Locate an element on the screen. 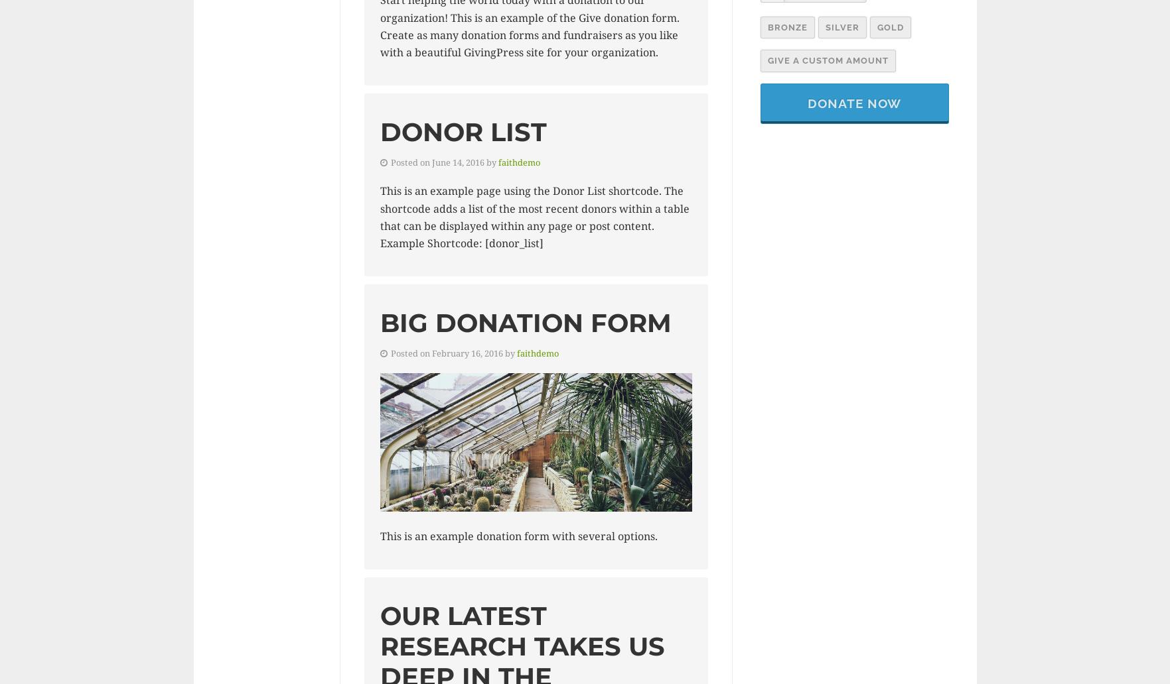 The width and height of the screenshot is (1170, 684). 'This is an example page using the Donor List shortcode. The shortcode adds a list of the most recent donors within a table that can be displayed within any page or post content. Example Shortcode: [donor_list]' is located at coordinates (379, 217).